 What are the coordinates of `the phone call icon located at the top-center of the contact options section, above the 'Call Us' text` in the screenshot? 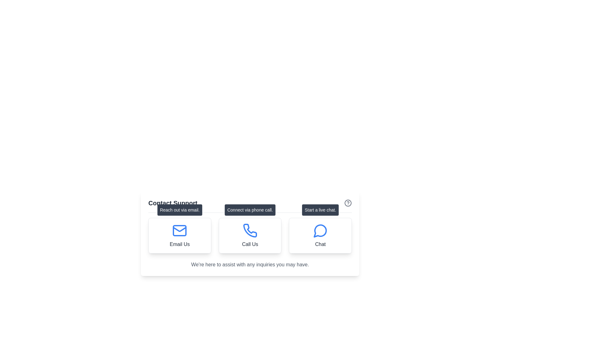 It's located at (249, 230).